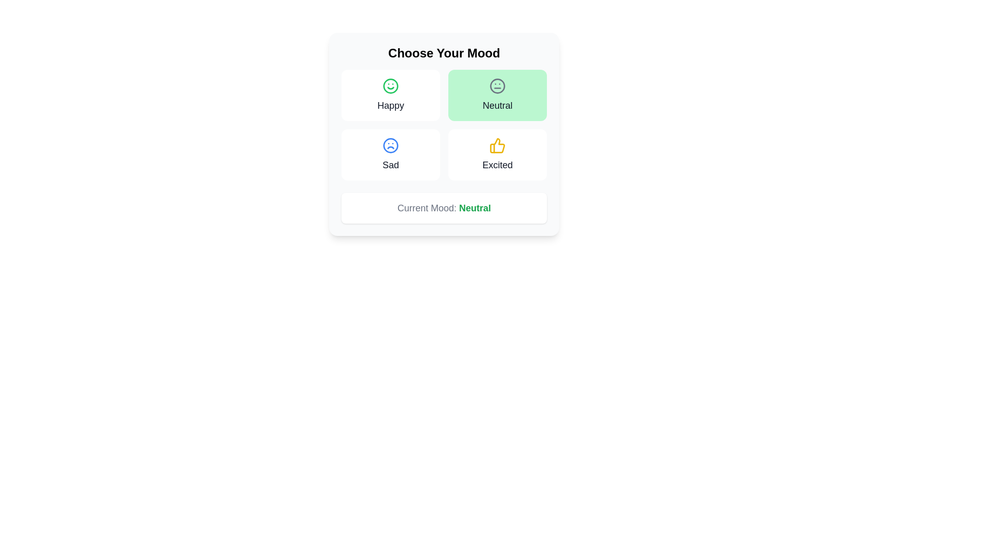  Describe the element at coordinates (390, 95) in the screenshot. I see `the 'Happy' mood selection button-like card located at the top-left corner of the mood selection grid` at that location.